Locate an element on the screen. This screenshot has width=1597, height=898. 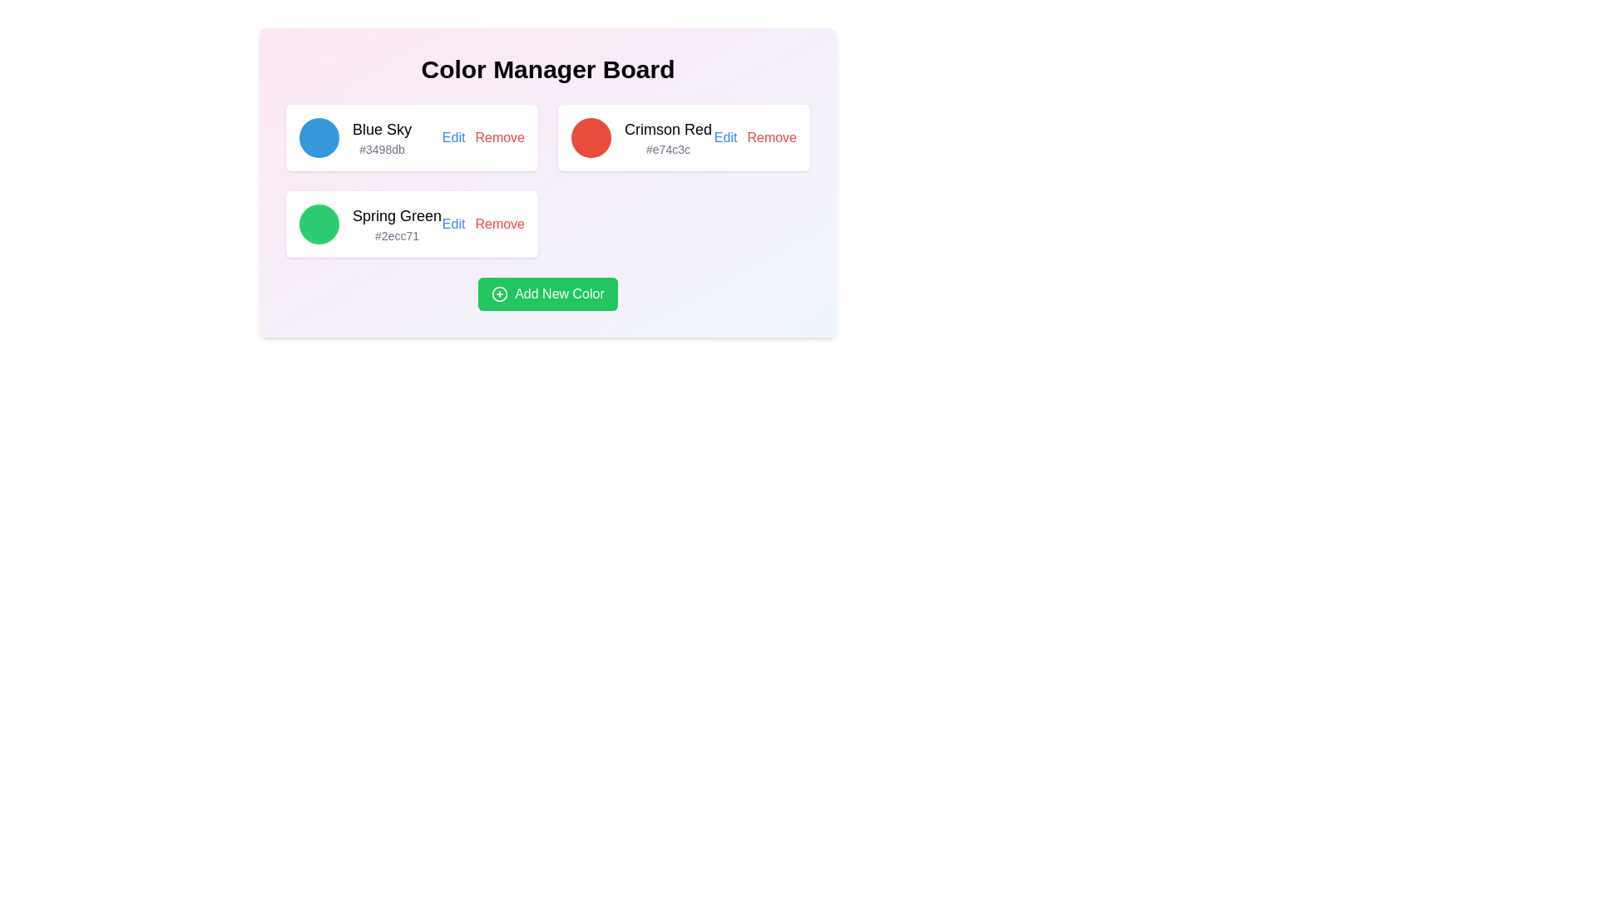
the 'Remove' hyperlink, which is styled with a red font and appears next to the 'Edit' option in the second row of the card list related to 'Spring Green' is located at coordinates (499, 224).